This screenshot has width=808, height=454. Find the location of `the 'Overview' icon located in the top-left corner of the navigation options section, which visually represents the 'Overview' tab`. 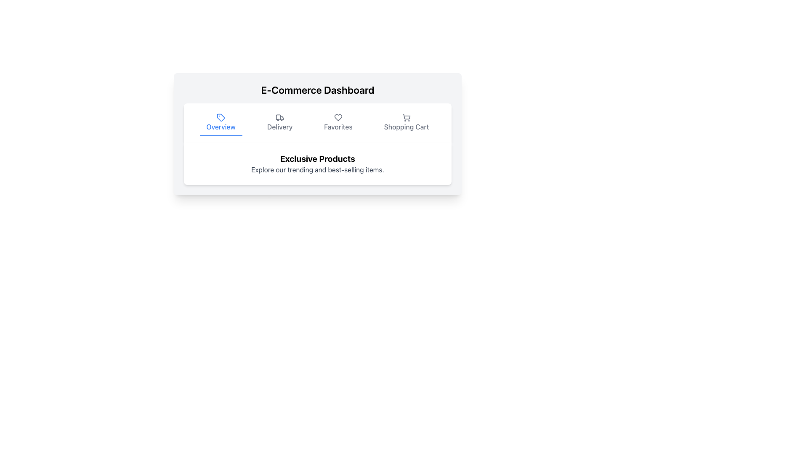

the 'Overview' icon located in the top-left corner of the navigation options section, which visually represents the 'Overview' tab is located at coordinates (221, 118).